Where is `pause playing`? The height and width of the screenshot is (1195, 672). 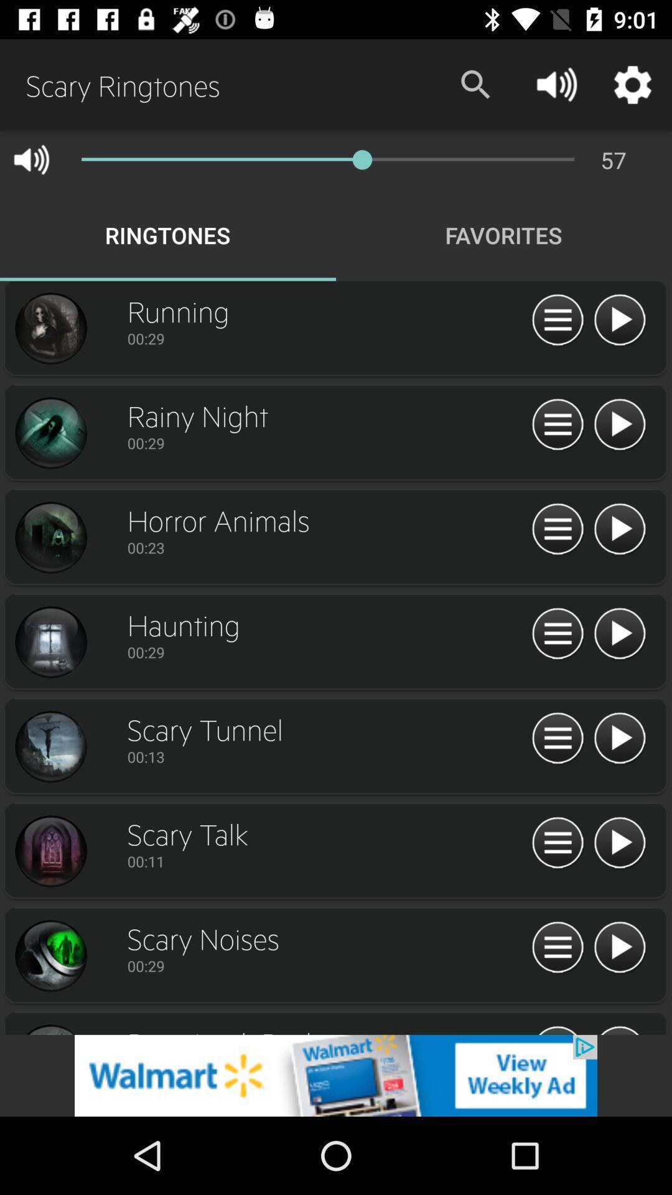
pause playing is located at coordinates (557, 321).